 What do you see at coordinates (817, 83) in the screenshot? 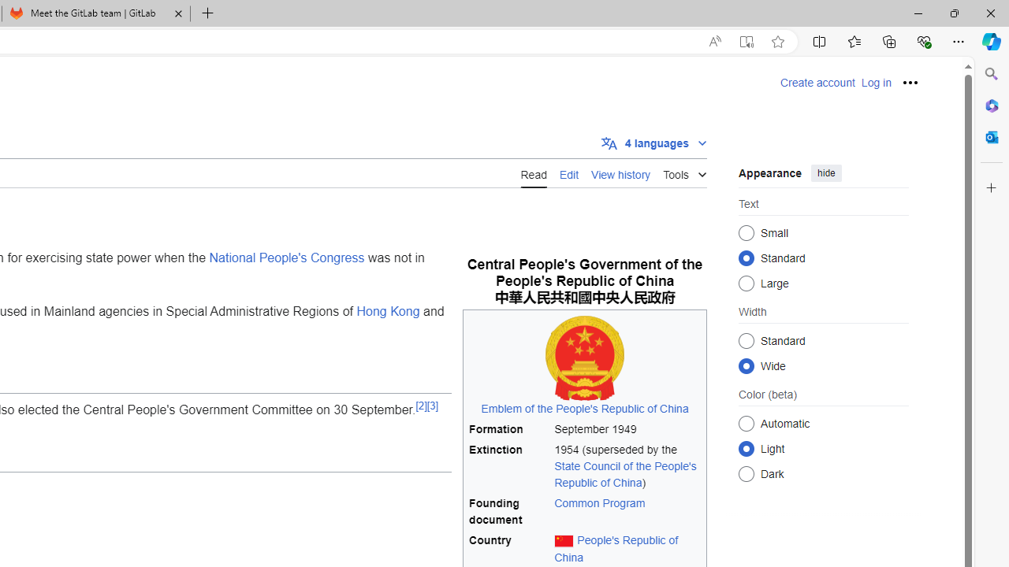
I see `'Create account'` at bounding box center [817, 83].